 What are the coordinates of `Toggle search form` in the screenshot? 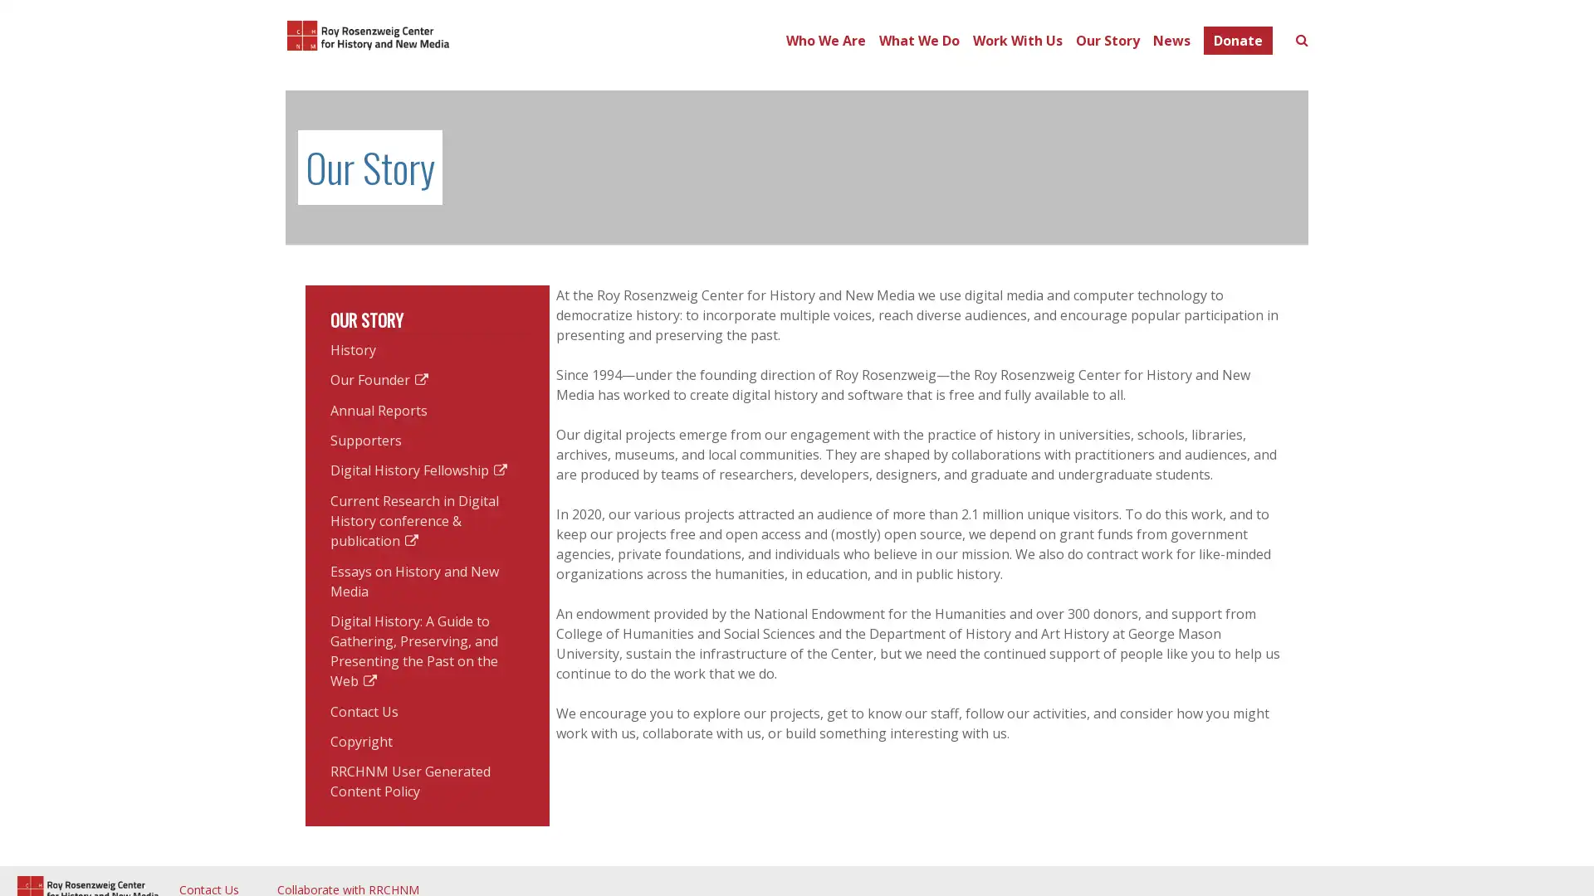 It's located at (1301, 39).